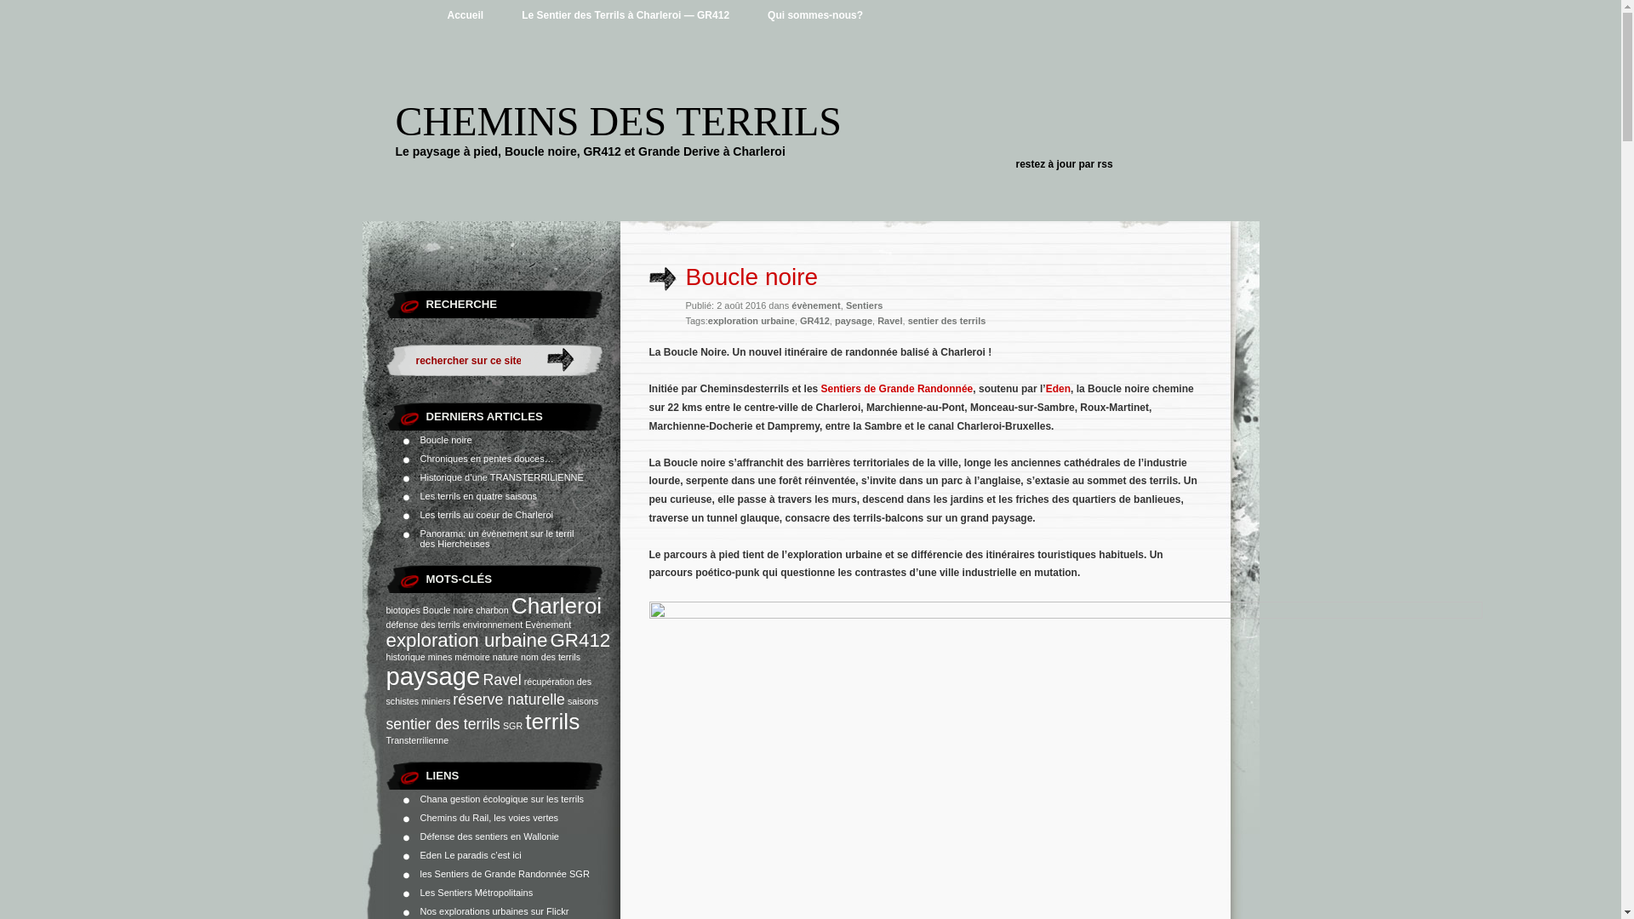 The image size is (1634, 919). I want to click on 'historique', so click(404, 655).